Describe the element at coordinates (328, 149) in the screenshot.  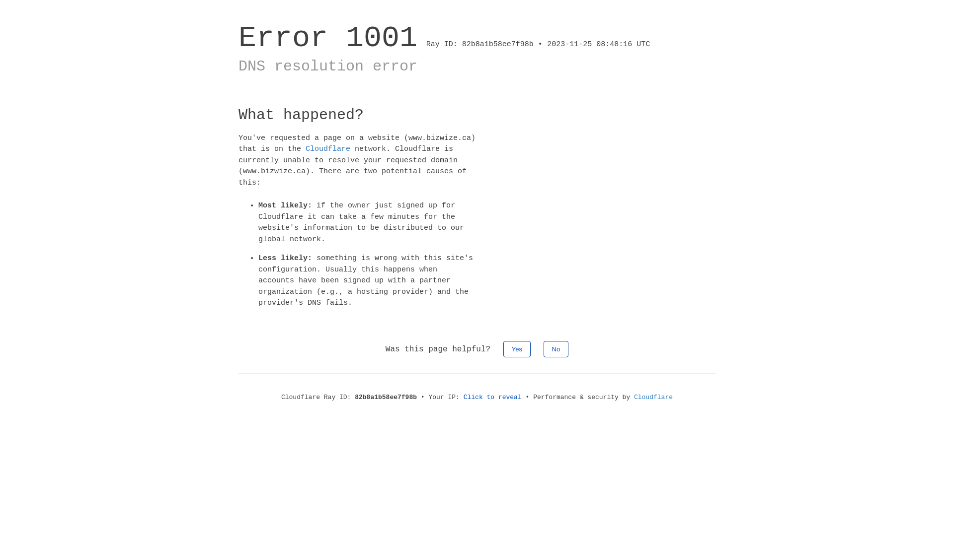
I see `'Cloudflare'` at that location.